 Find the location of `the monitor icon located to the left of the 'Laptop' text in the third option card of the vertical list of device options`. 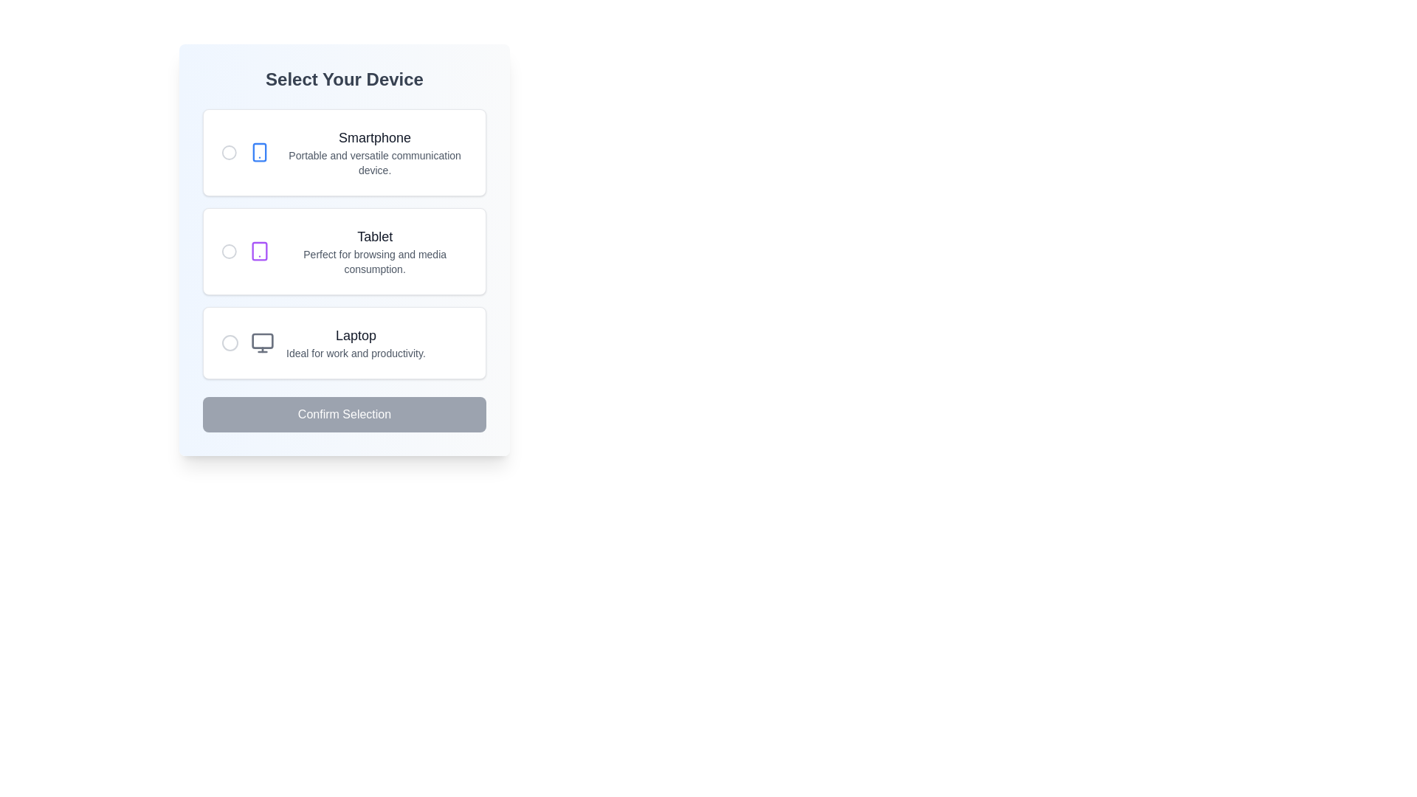

the monitor icon located to the left of the 'Laptop' text in the third option card of the vertical list of device options is located at coordinates (262, 343).